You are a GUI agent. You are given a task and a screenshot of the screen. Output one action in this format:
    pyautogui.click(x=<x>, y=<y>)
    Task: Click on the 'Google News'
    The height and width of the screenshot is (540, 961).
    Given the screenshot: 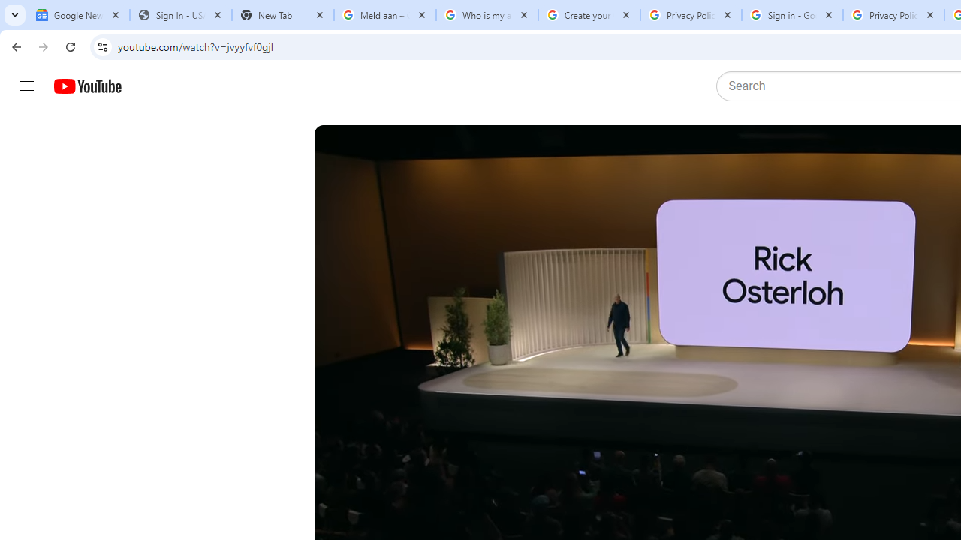 What is the action you would take?
    pyautogui.click(x=77, y=15)
    